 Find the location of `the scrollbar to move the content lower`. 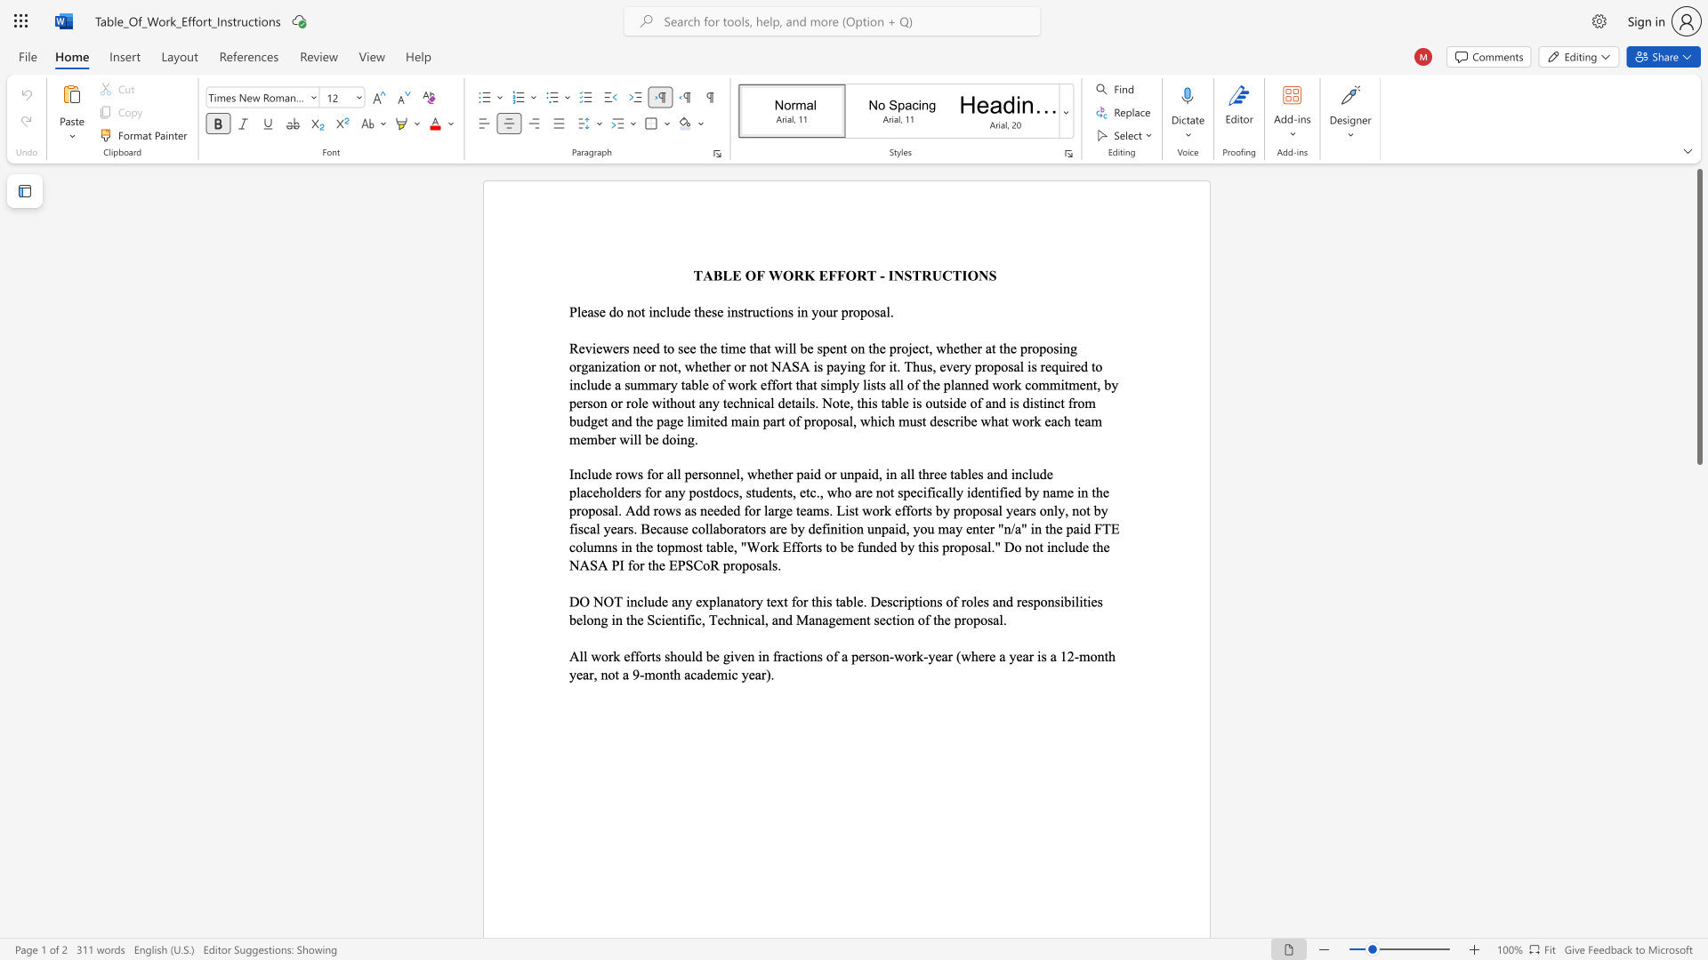

the scrollbar to move the content lower is located at coordinates (1698, 569).